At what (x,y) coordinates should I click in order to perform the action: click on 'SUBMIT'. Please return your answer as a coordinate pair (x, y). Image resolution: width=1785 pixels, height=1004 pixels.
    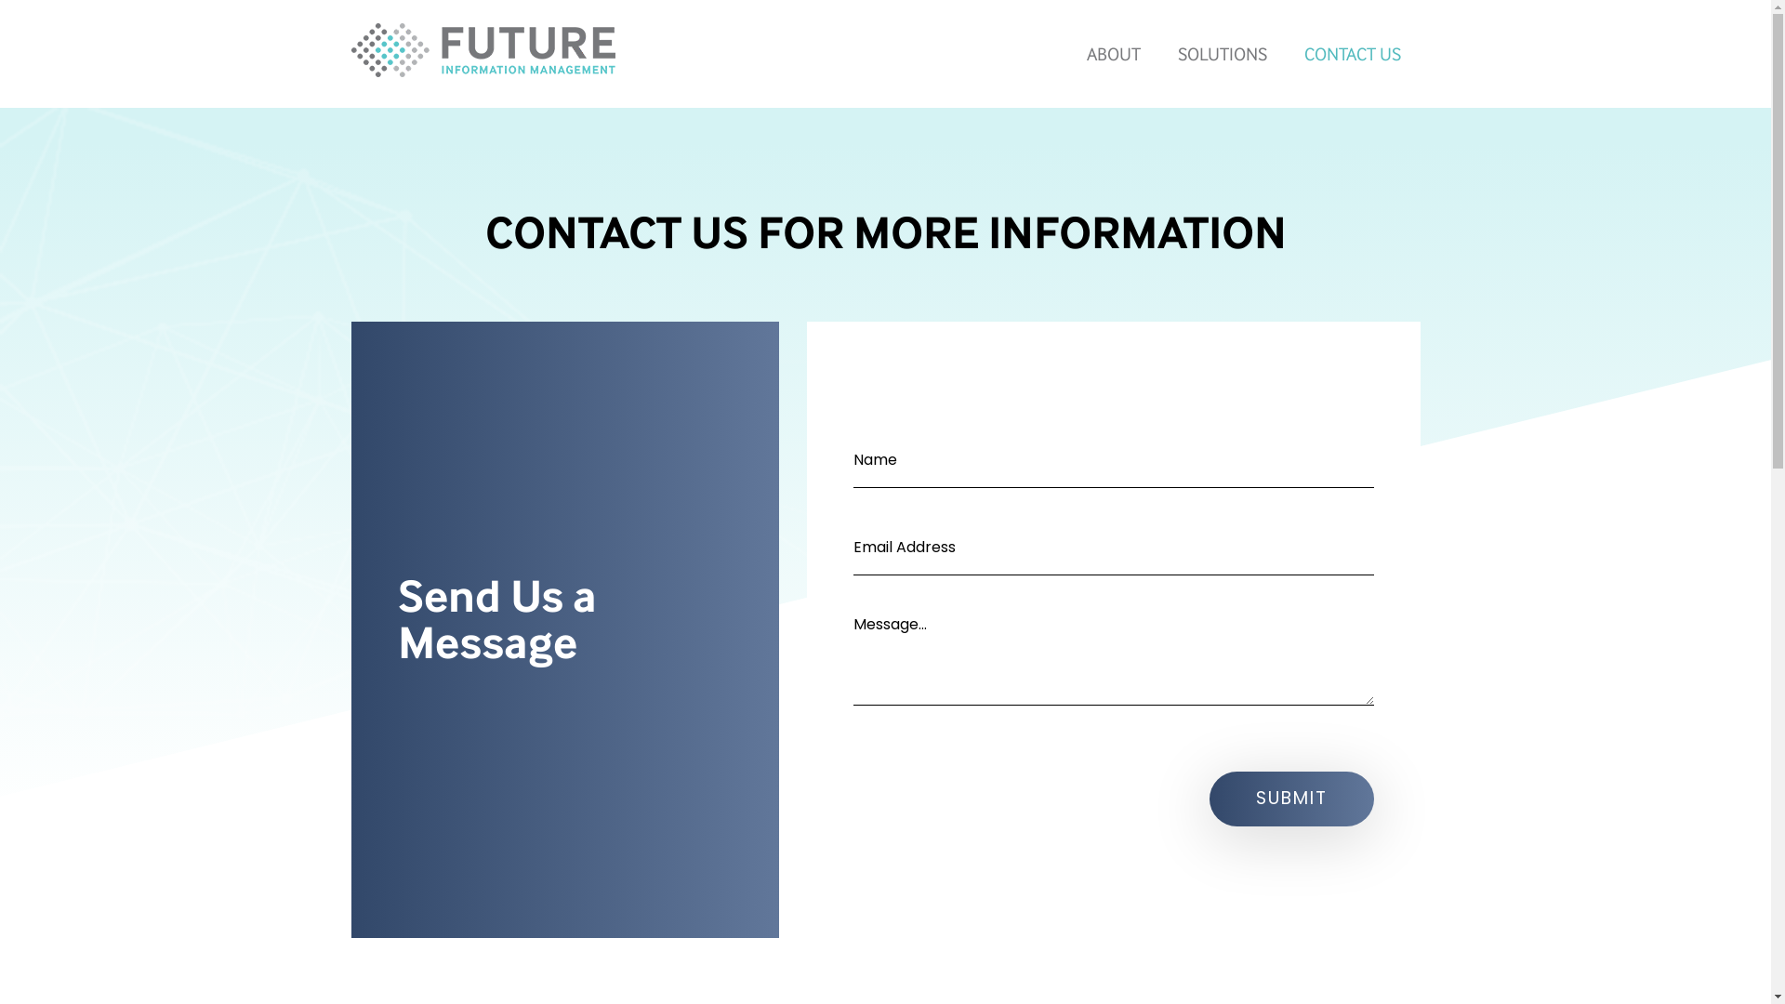
    Looking at the image, I should click on (1289, 798).